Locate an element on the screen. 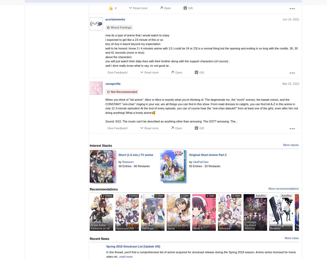 This screenshot has width=327, height=259. 'Recent News' is located at coordinates (89, 238).